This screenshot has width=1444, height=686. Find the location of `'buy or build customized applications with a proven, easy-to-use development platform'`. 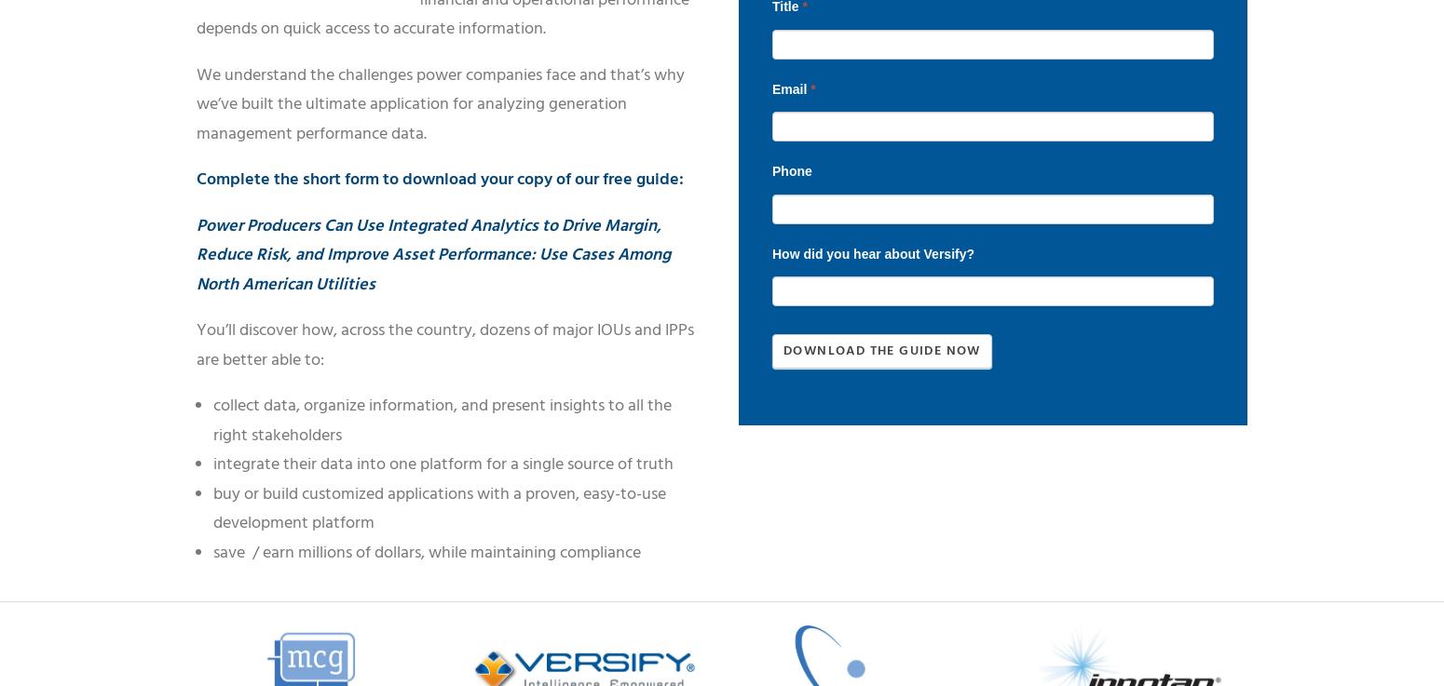

'buy or build customized applications with a proven, easy-to-use development platform' is located at coordinates (438, 508).